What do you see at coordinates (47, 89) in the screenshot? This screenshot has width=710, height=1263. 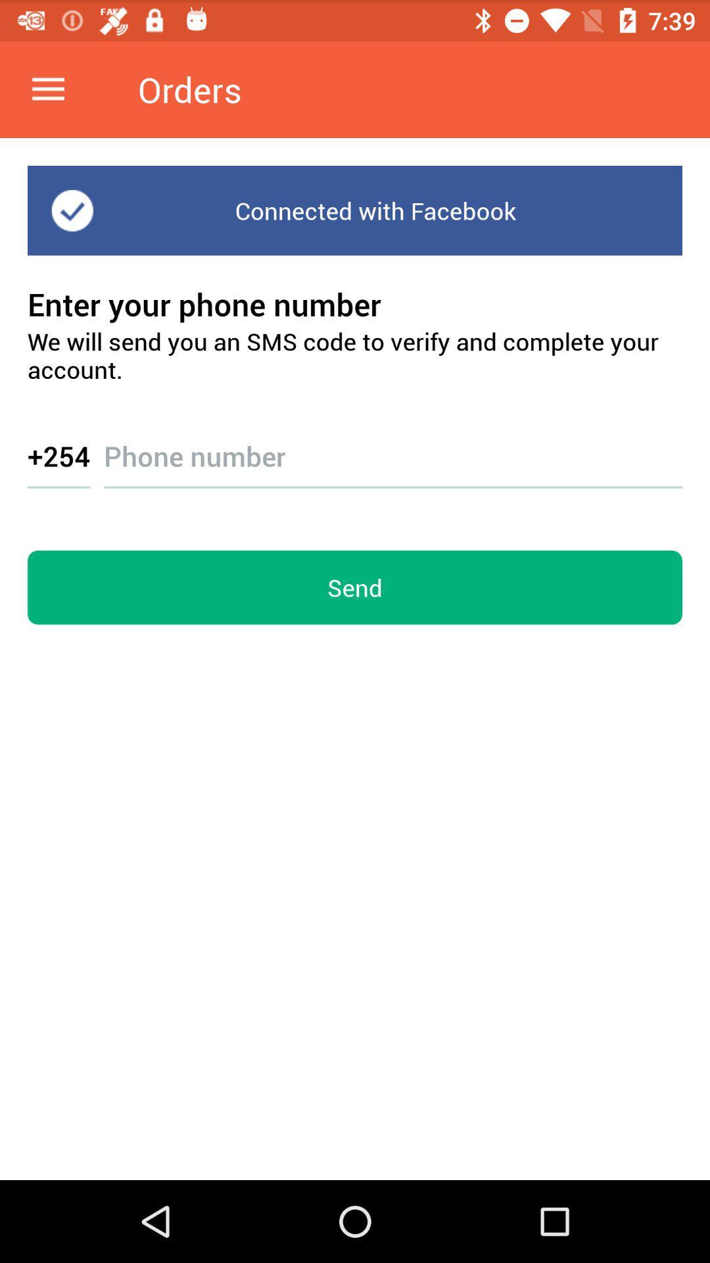 I see `the icon above the connected with facebook` at bounding box center [47, 89].